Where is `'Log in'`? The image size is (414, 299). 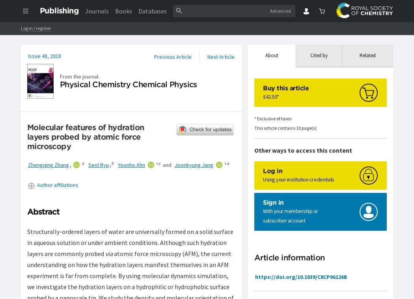 'Log in' is located at coordinates (272, 170).